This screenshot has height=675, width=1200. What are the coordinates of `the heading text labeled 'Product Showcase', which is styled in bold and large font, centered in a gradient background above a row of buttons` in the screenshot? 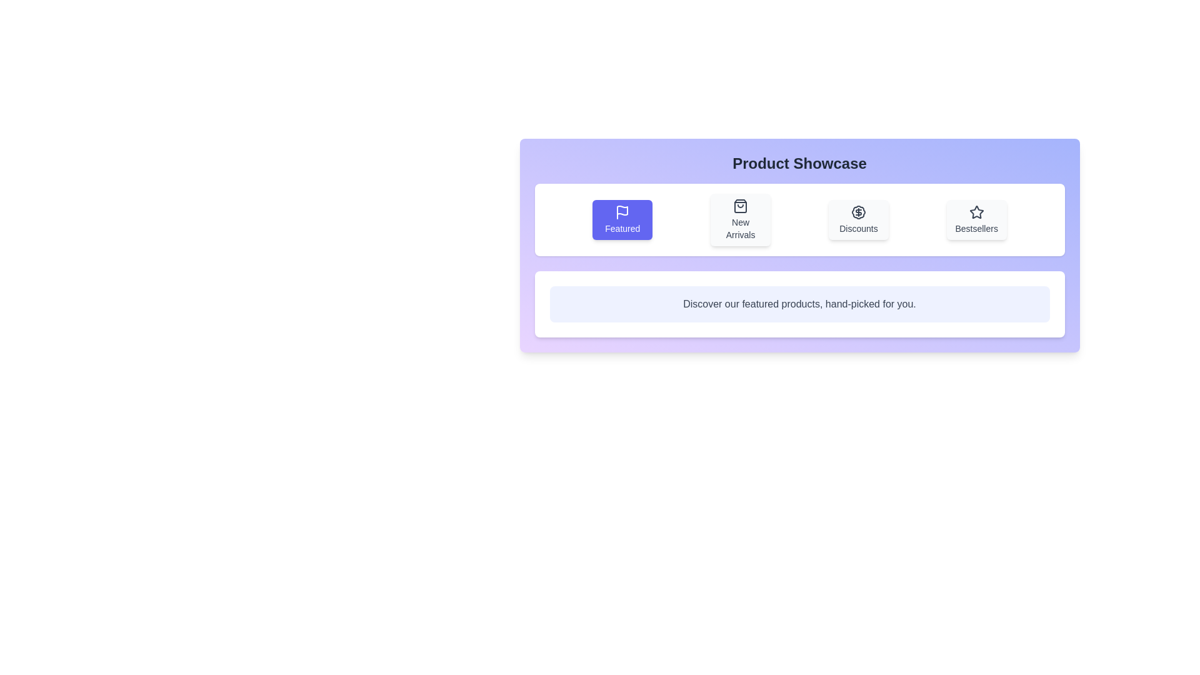 It's located at (799, 163).